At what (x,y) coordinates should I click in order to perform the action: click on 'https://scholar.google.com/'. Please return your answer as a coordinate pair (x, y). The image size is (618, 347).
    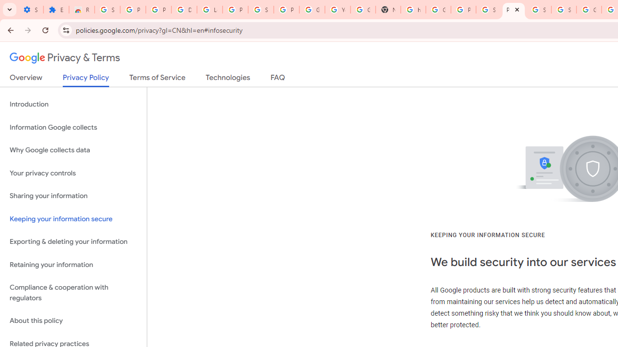
    Looking at the image, I should click on (413, 10).